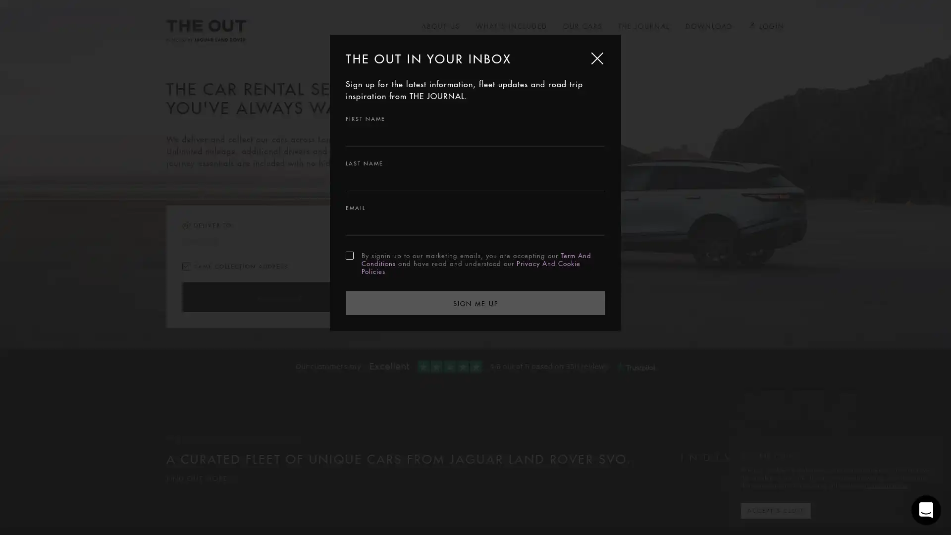  I want to click on CHOOSE CAR, so click(277, 297).